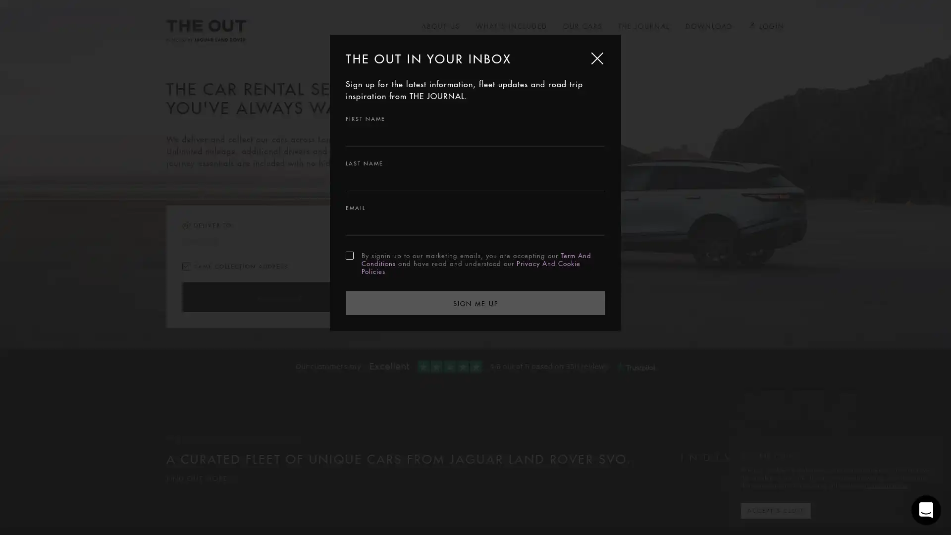  I want to click on CHOOSE CAR, so click(277, 297).